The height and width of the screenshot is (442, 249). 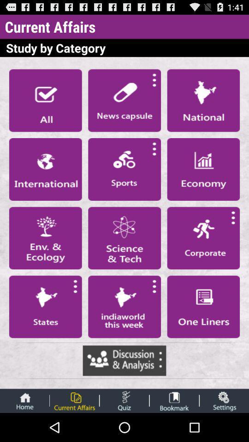 I want to click on click for option, so click(x=203, y=307).